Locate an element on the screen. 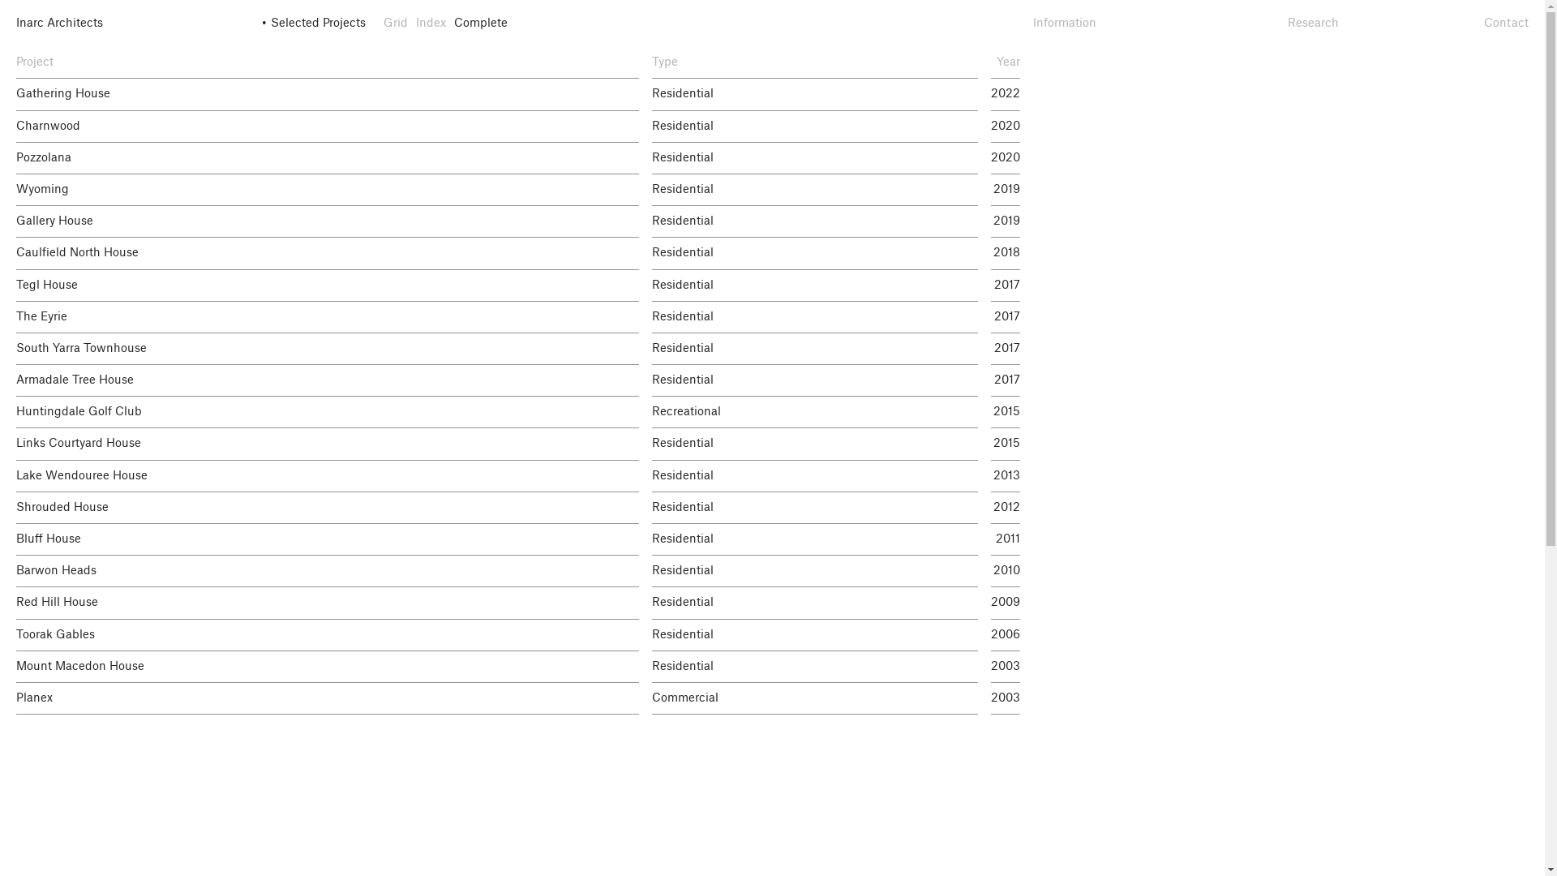 The height and width of the screenshot is (876, 1557). 'Grid' is located at coordinates (394, 24).